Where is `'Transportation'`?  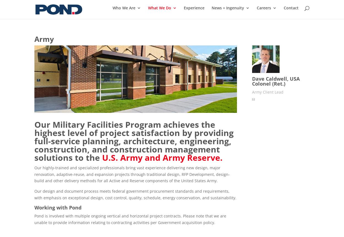 'Transportation' is located at coordinates (159, 73).